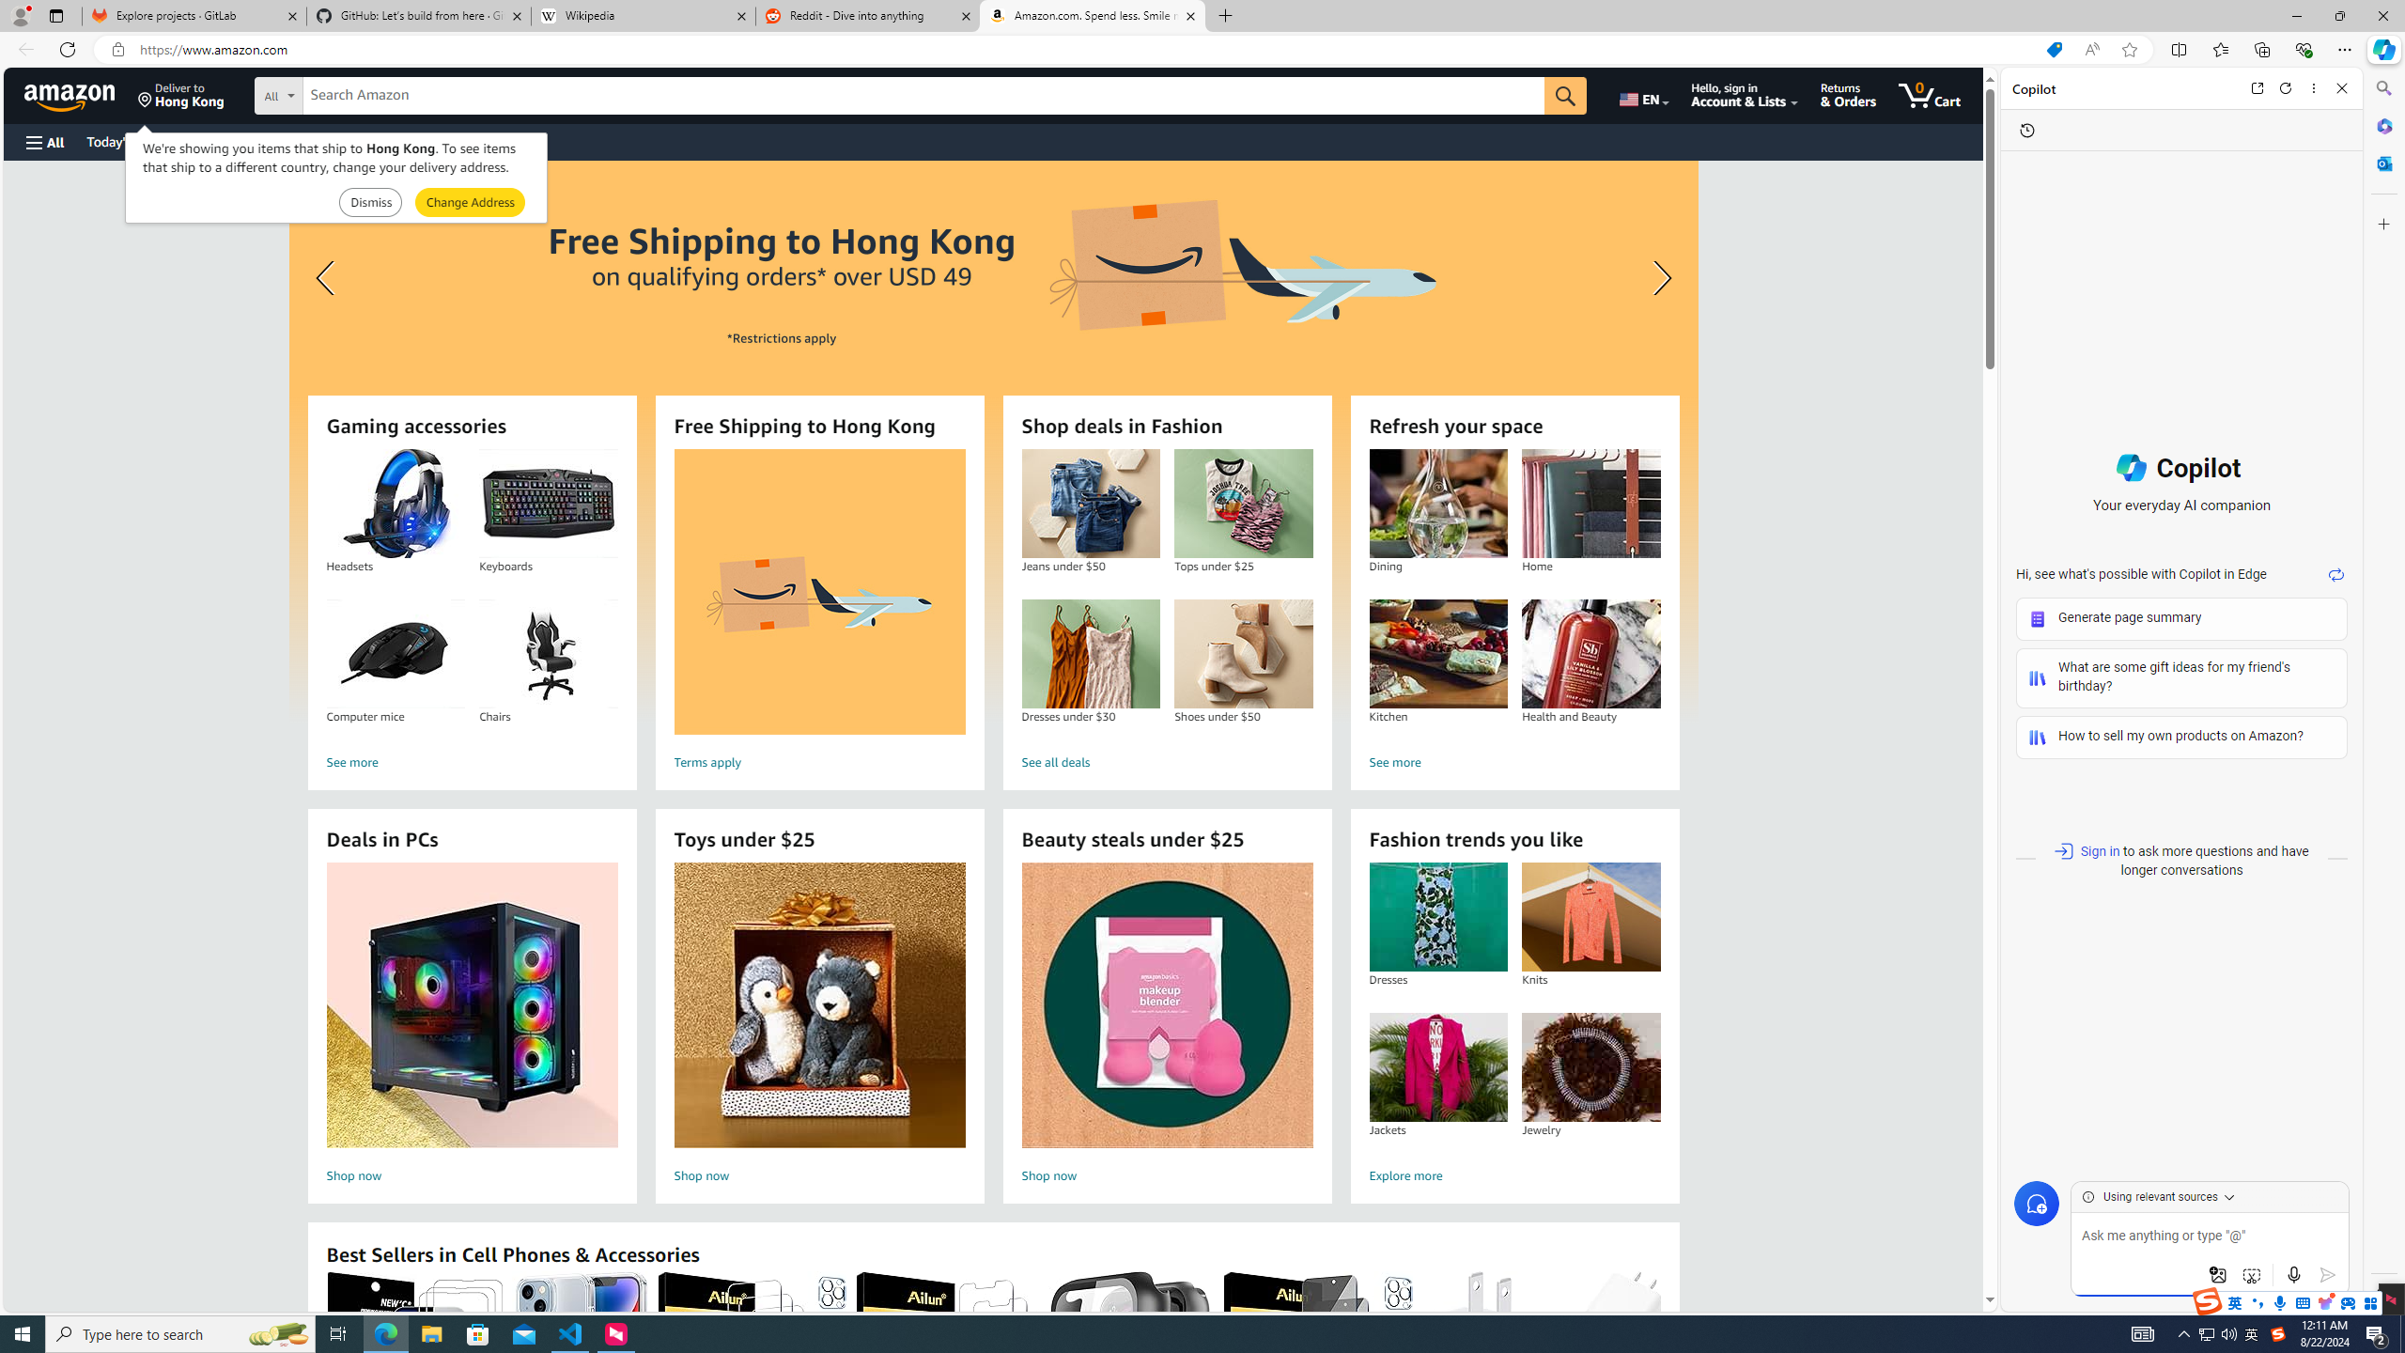  I want to click on 'Shoes under $50', so click(1242, 654).